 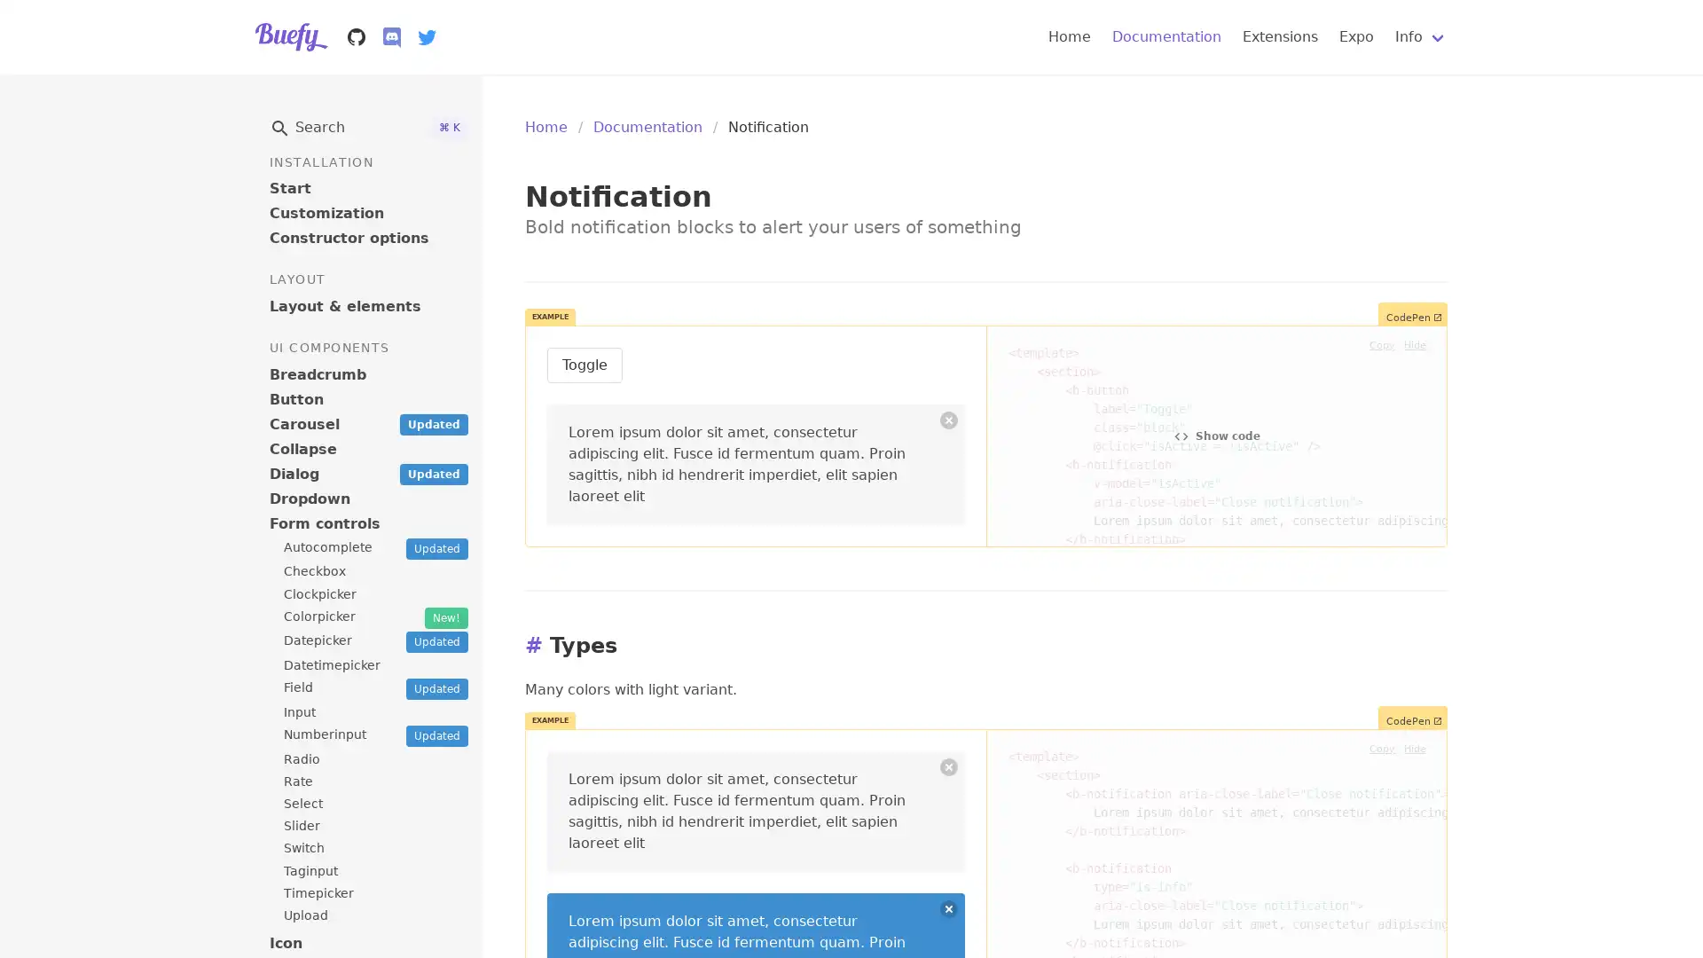 I want to click on Close notification, so click(x=948, y=766).